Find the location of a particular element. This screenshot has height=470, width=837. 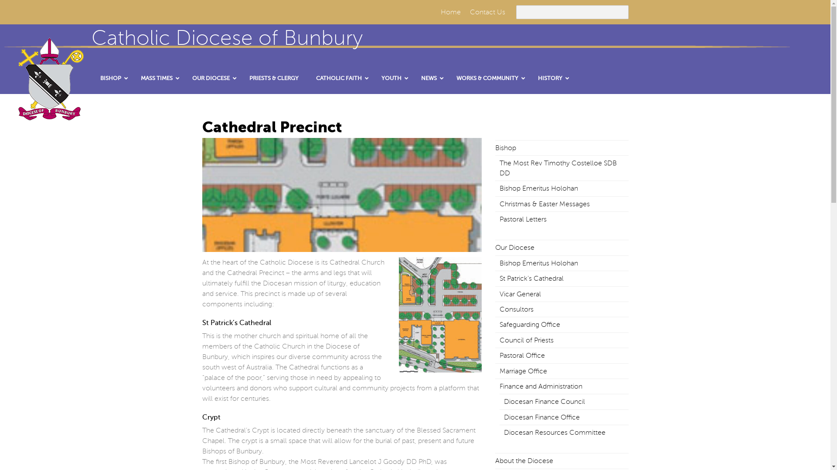

'Finance and Administration' is located at coordinates (541, 386).